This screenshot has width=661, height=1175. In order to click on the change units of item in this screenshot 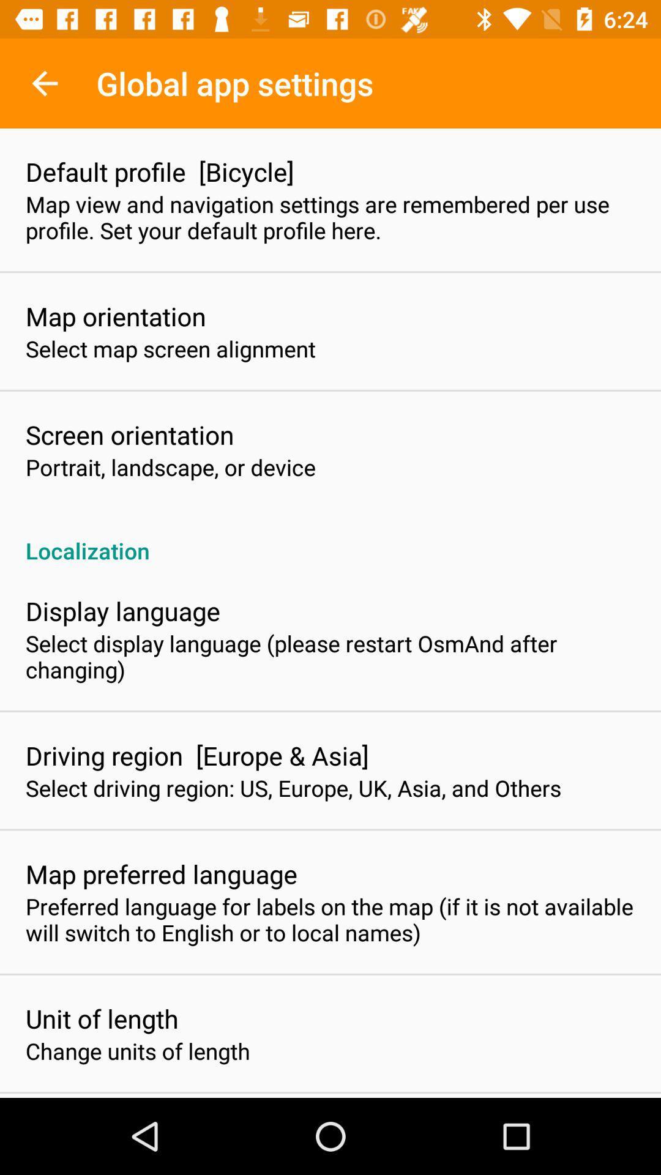, I will do `click(138, 1050)`.